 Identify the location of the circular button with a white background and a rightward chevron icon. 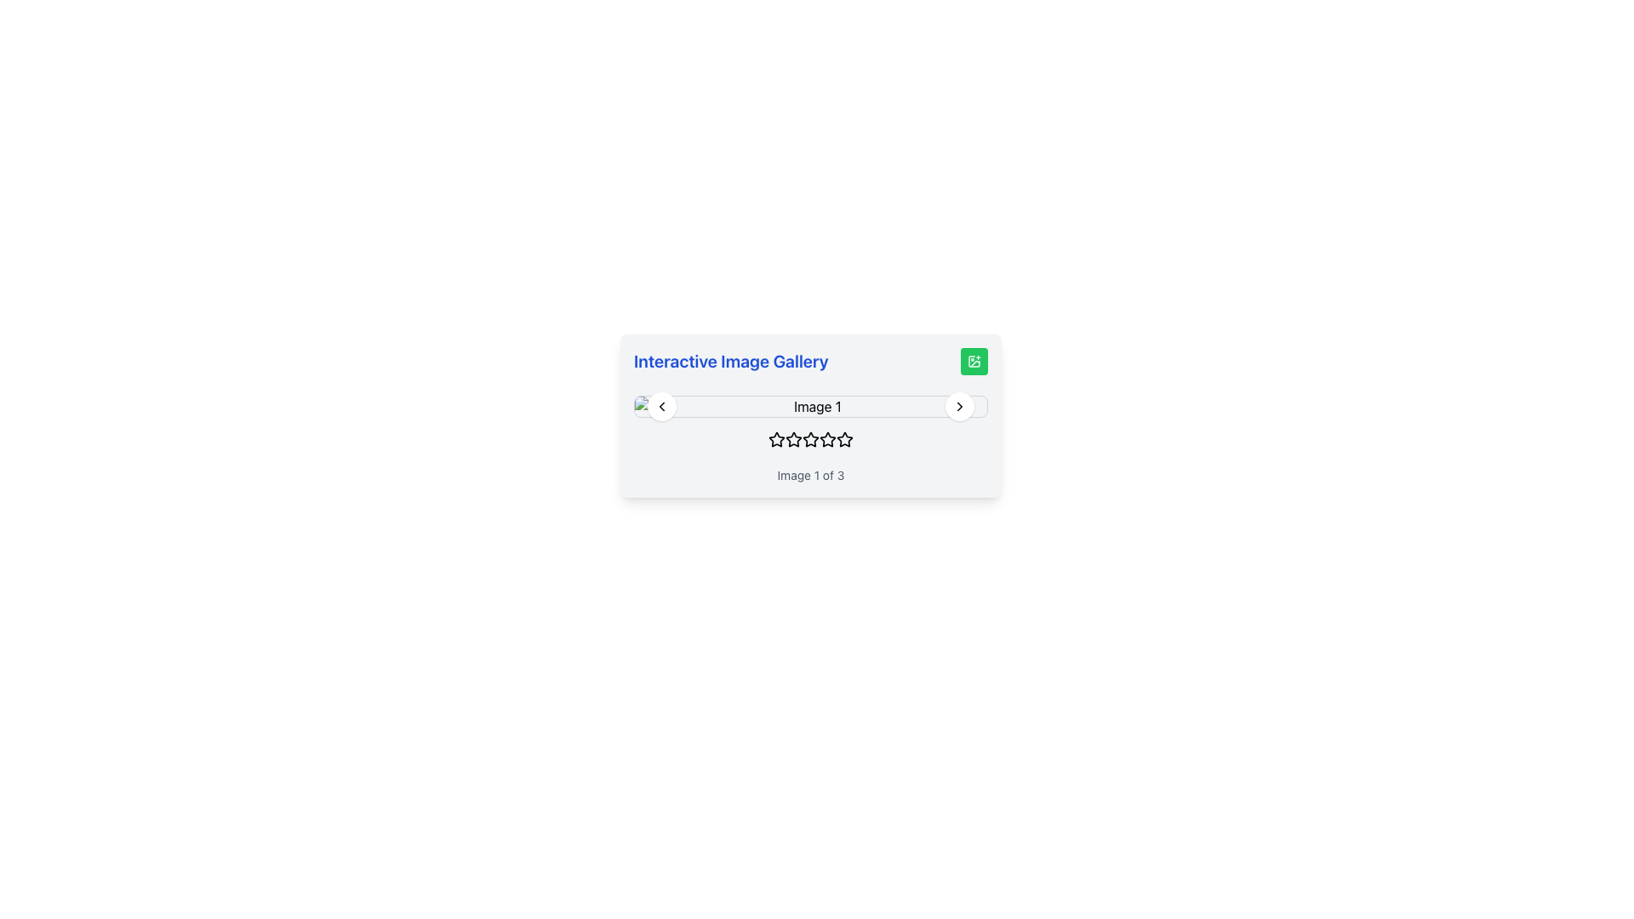
(960, 407).